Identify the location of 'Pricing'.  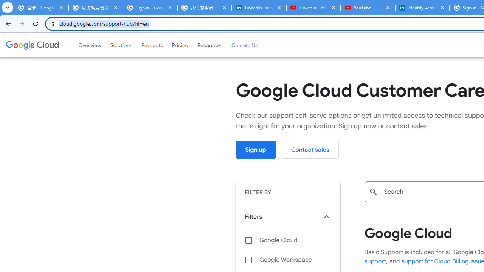
(180, 45).